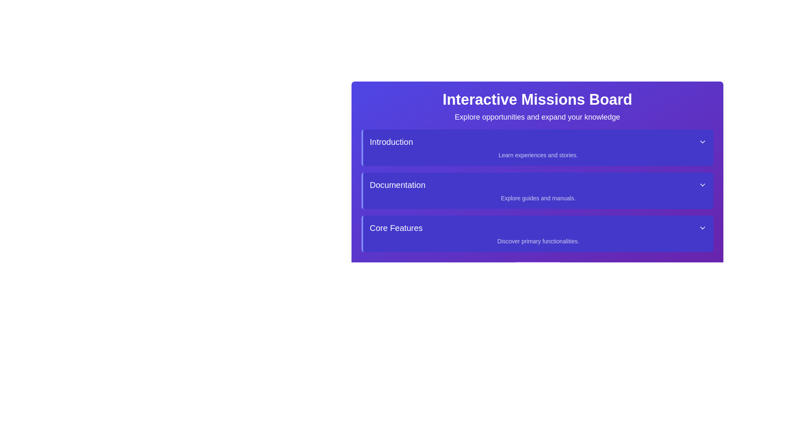  I want to click on the expandable/collapsible icon located at the extreme right of the 'Introduction' section, so click(702, 142).